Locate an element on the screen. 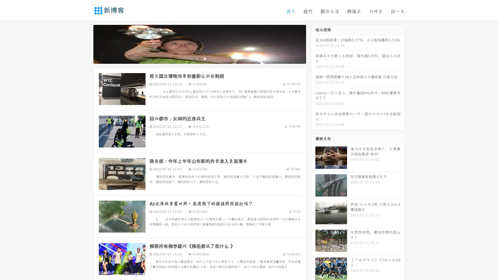  Go to slide 1 is located at coordinates (194, 58).